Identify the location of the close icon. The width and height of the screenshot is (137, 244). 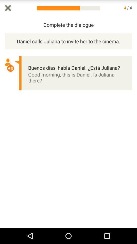
(8, 8).